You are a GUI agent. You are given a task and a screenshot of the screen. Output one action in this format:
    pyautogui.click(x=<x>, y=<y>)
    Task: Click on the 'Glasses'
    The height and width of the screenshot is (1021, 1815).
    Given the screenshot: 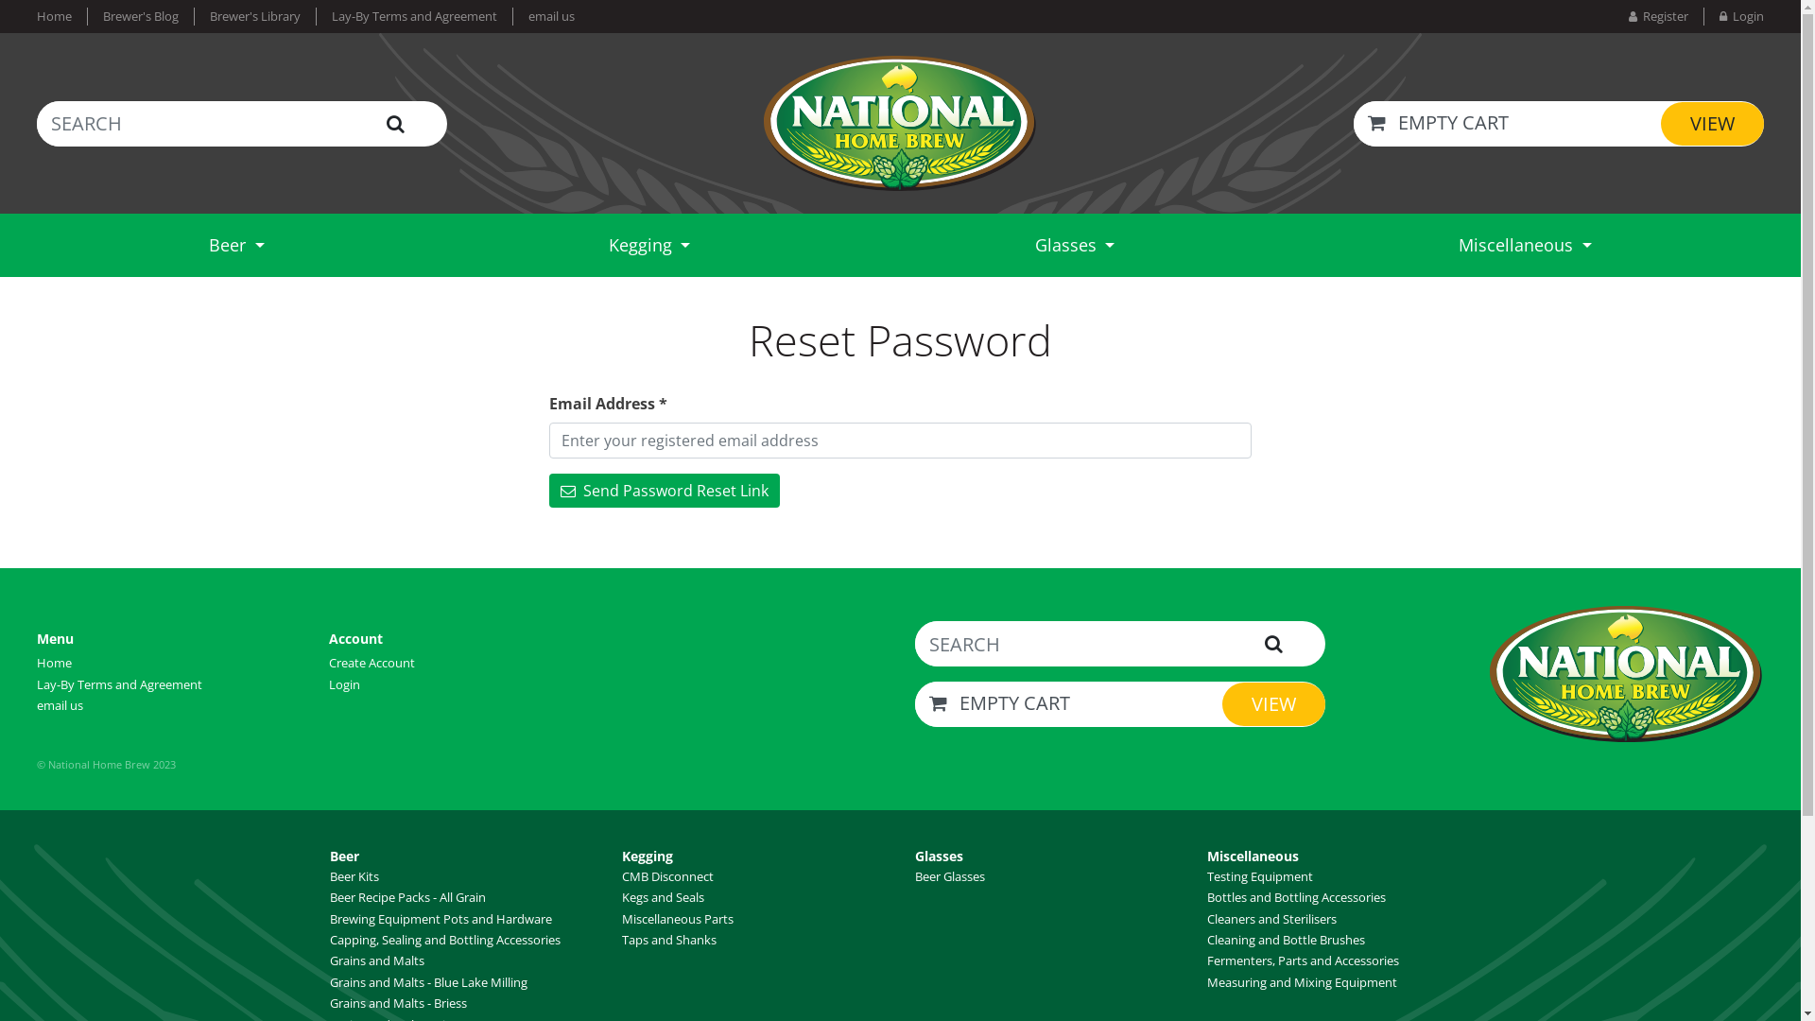 What is the action you would take?
    pyautogui.click(x=1075, y=243)
    